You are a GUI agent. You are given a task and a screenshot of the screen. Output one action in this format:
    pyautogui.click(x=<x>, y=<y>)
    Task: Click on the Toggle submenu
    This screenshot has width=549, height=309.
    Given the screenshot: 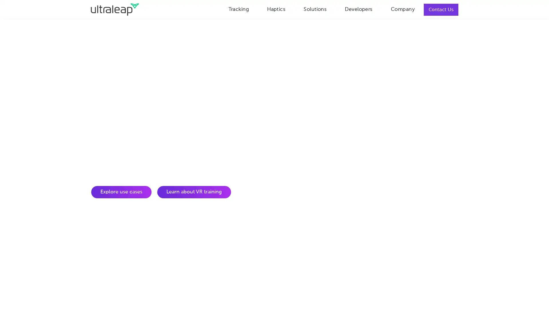 What is the action you would take?
    pyautogui.click(x=292, y=9)
    